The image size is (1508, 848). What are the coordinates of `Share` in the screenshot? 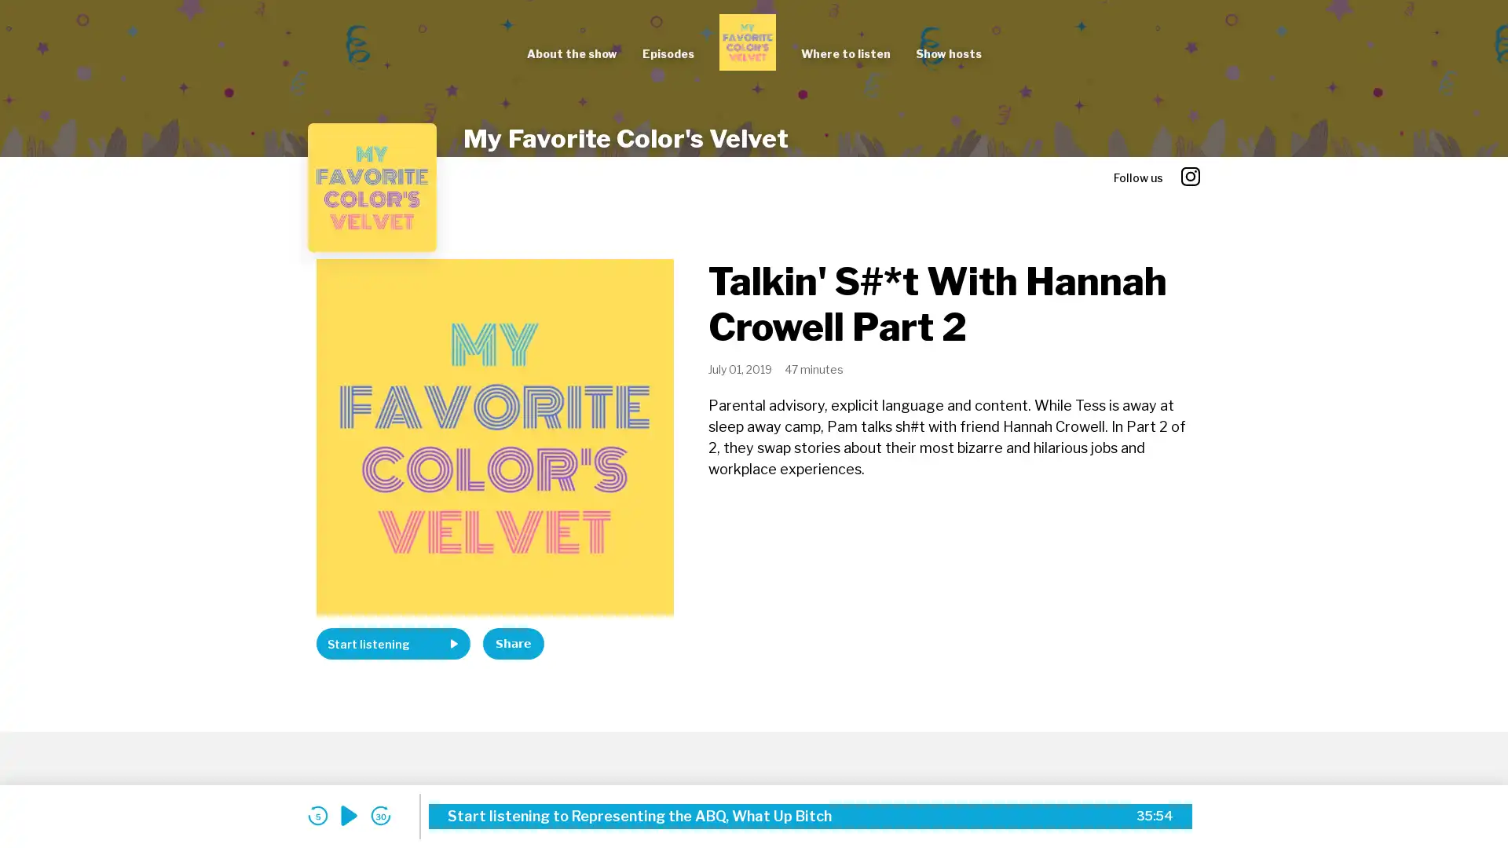 It's located at (513, 644).